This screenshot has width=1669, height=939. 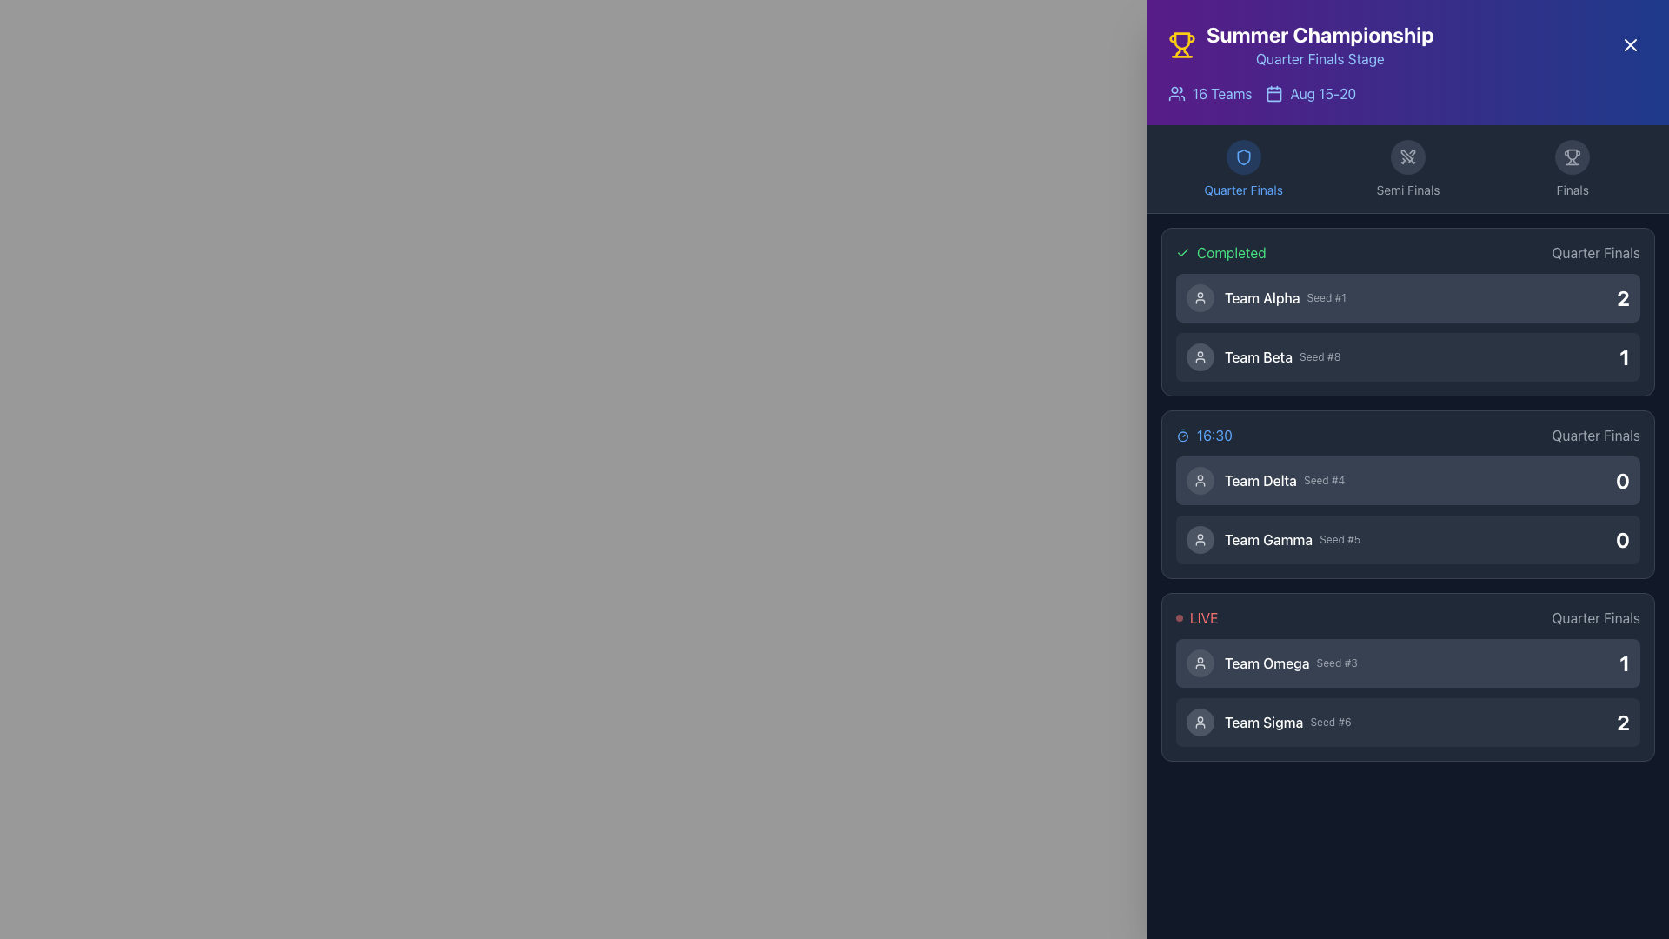 What do you see at coordinates (1596, 616) in the screenshot?
I see `the 'Quarter Finals' text label located at the bottom-right corner of the card, which is displayed in gray against a dark background` at bounding box center [1596, 616].